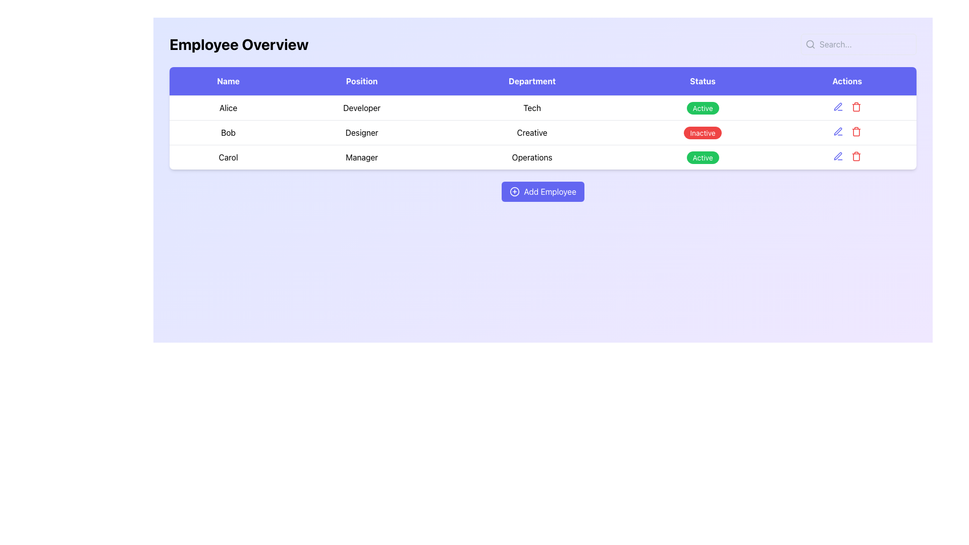 The image size is (969, 545). I want to click on 'Department' text label associated with 'Alice' in the table to gather information about her organizational category, so click(531, 107).